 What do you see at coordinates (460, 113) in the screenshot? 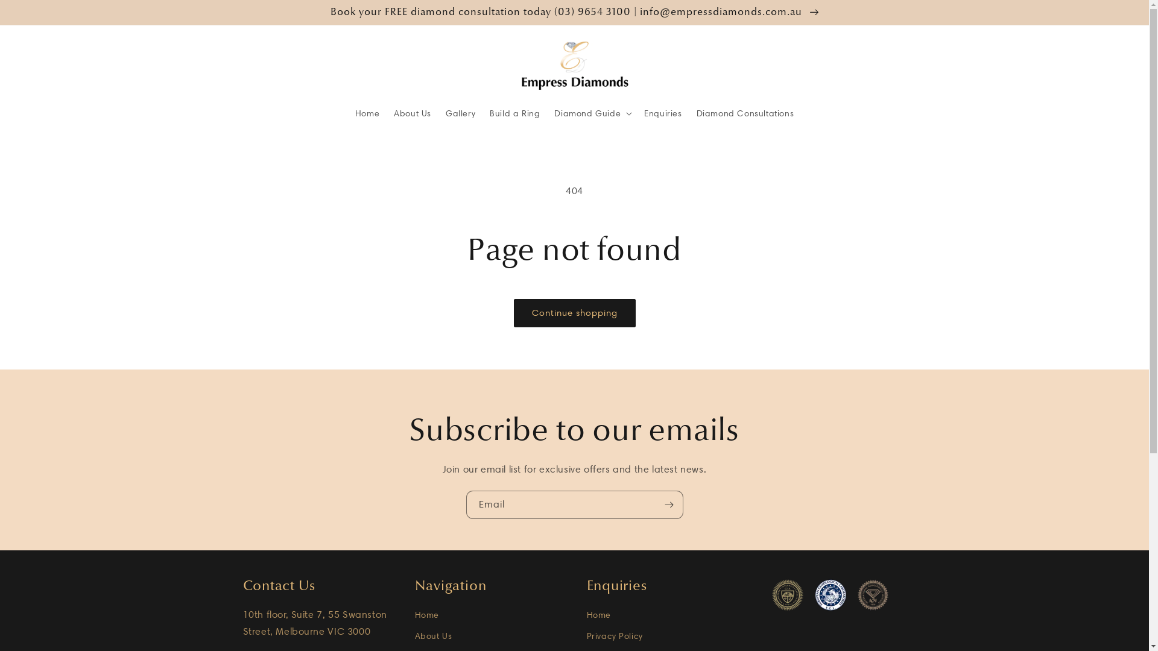
I see `'Gallery'` at bounding box center [460, 113].